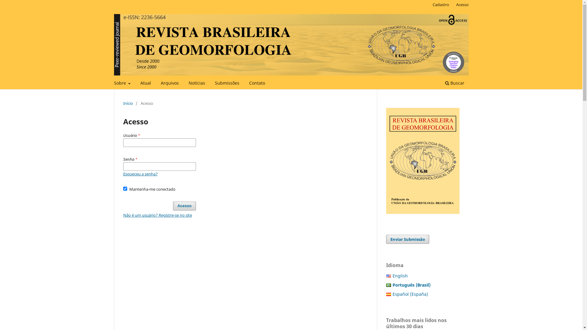  I want to click on 'Arquivos', so click(170, 84).